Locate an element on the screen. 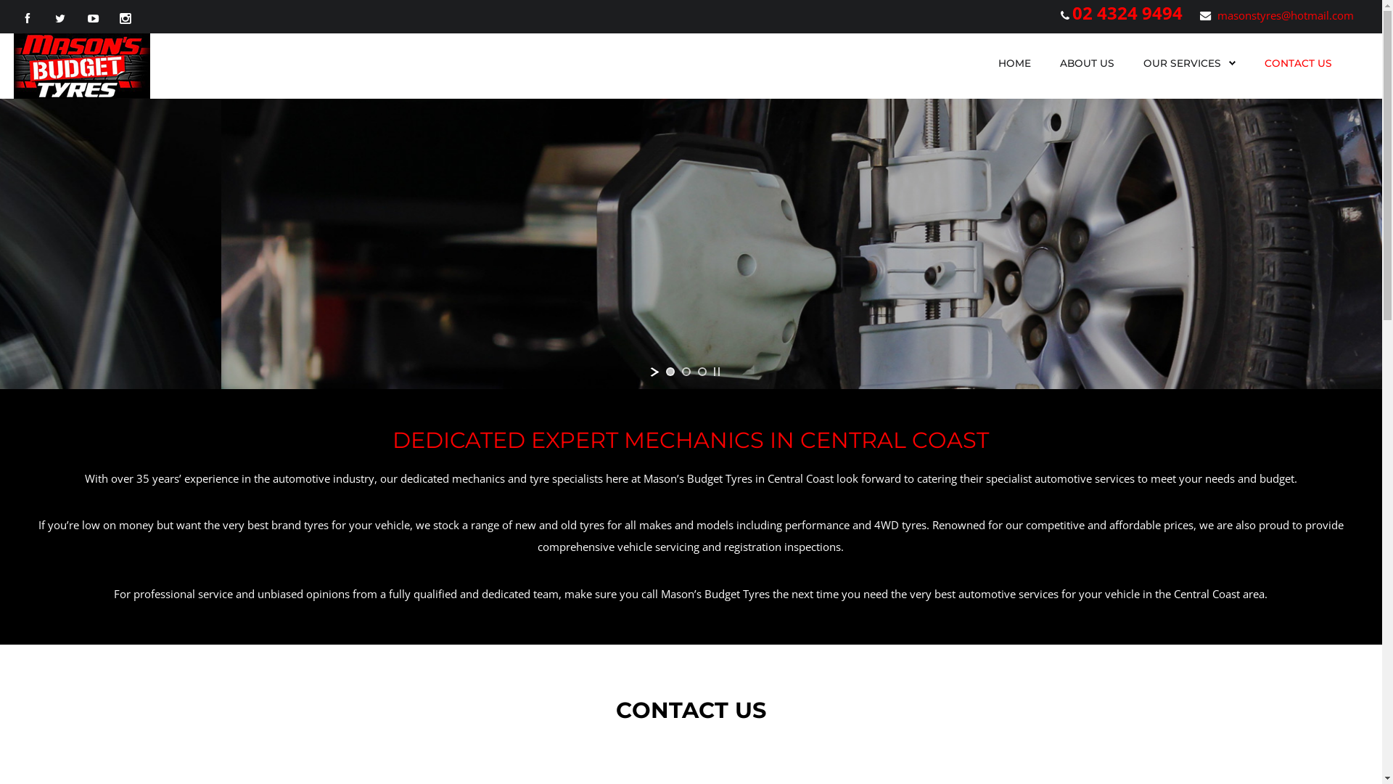  'CONTACT US' is located at coordinates (1298, 62).